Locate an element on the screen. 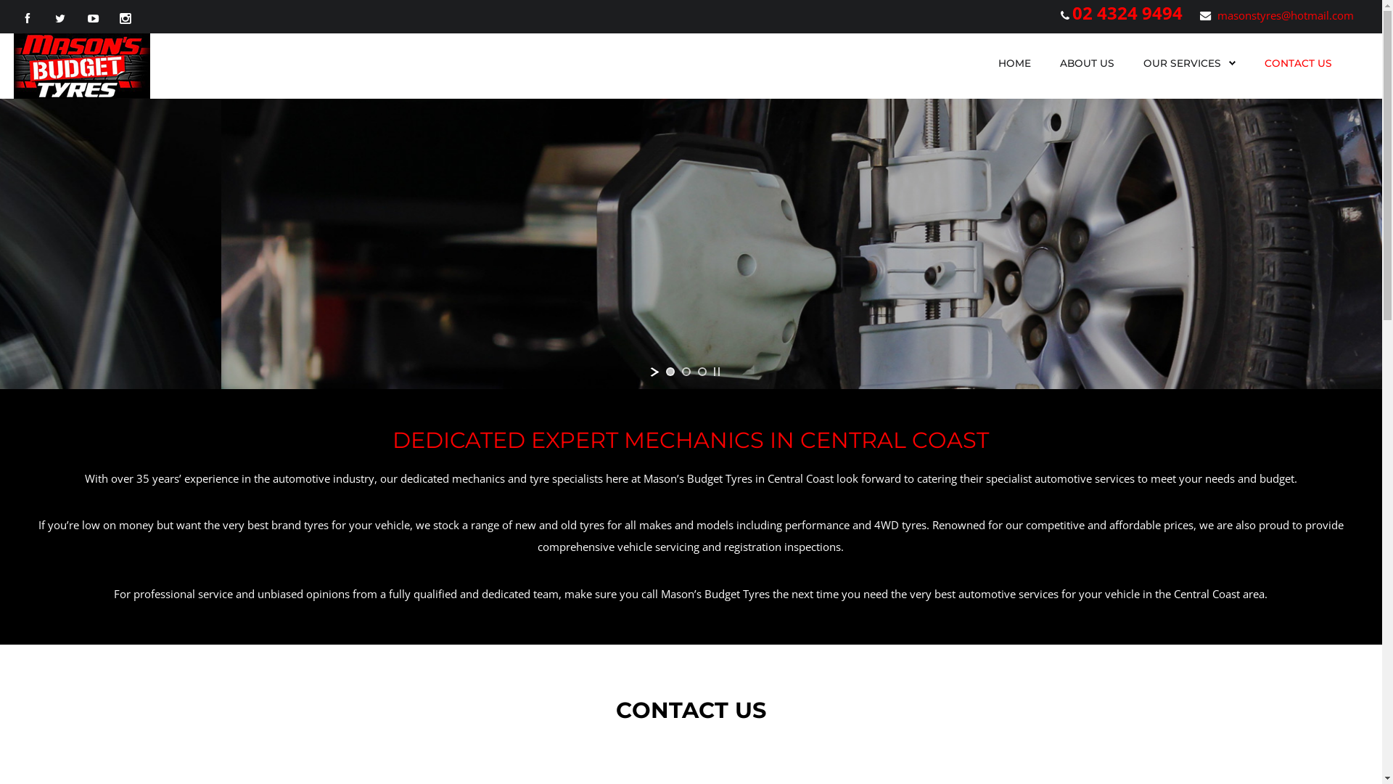  'CONTACT US' is located at coordinates (1298, 62).